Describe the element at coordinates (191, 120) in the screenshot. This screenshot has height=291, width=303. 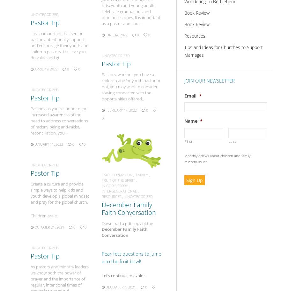
I see `'Name'` at that location.